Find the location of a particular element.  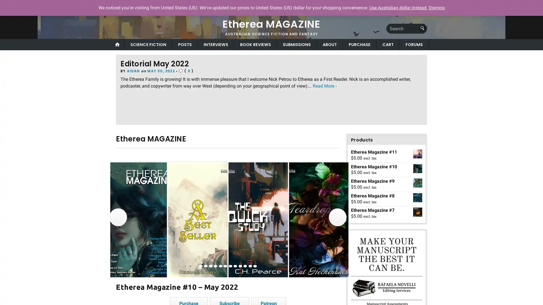

view image 7 of 12 in carousel is located at coordinates (230, 266).